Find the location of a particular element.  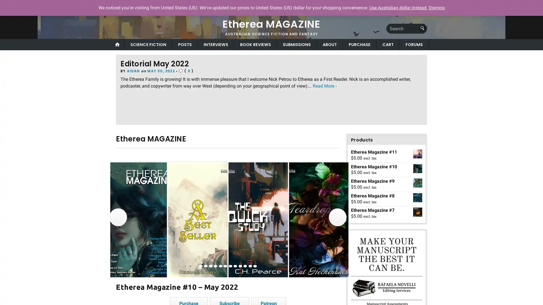

view image 7 of 12 in carousel is located at coordinates (230, 266).